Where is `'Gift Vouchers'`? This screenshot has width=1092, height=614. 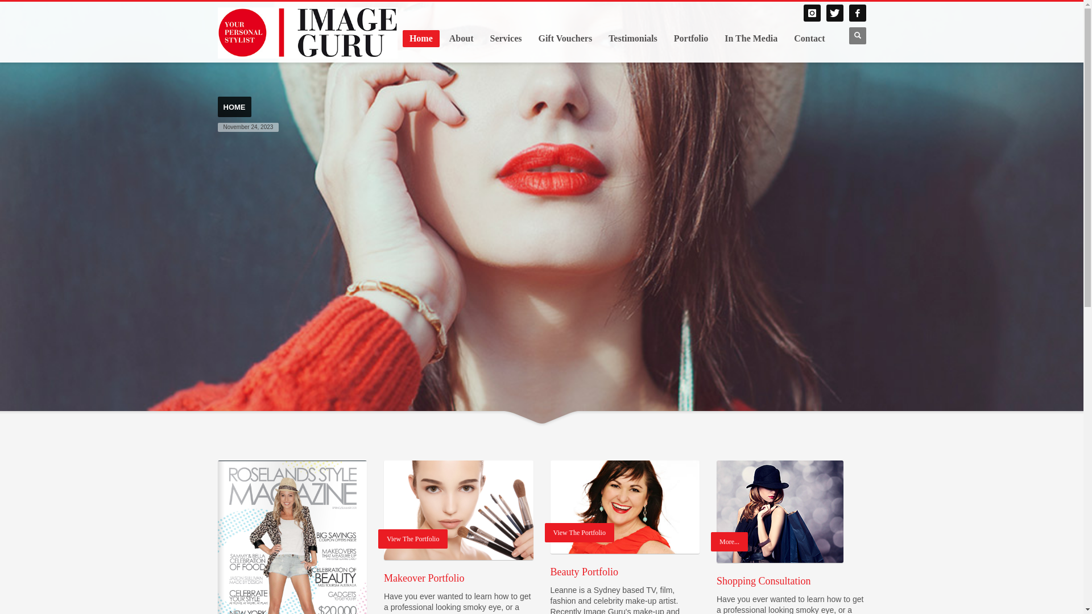 'Gift Vouchers' is located at coordinates (565, 38).